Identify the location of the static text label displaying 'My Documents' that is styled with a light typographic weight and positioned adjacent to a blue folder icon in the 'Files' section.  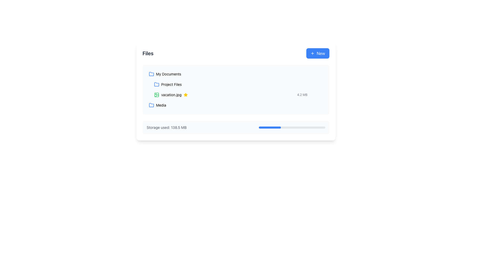
(169, 74).